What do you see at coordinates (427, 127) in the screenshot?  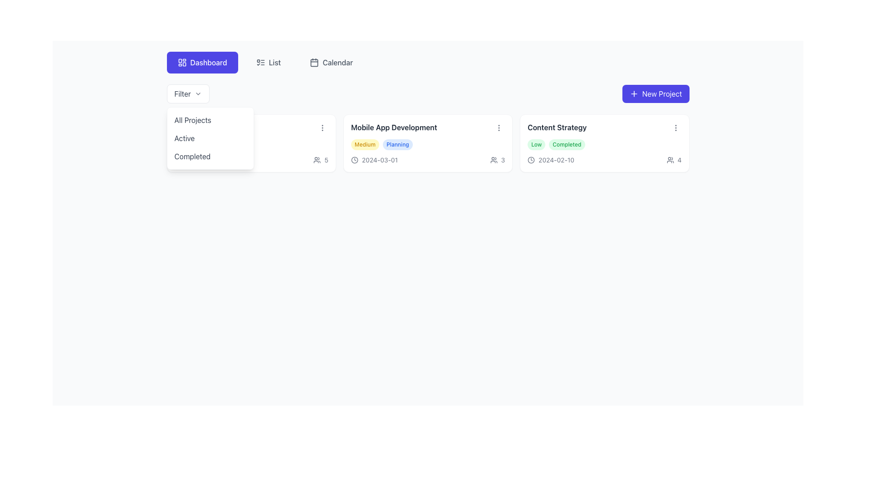 I see `the project title text label located at the top of the first project card on the main dashboard` at bounding box center [427, 127].